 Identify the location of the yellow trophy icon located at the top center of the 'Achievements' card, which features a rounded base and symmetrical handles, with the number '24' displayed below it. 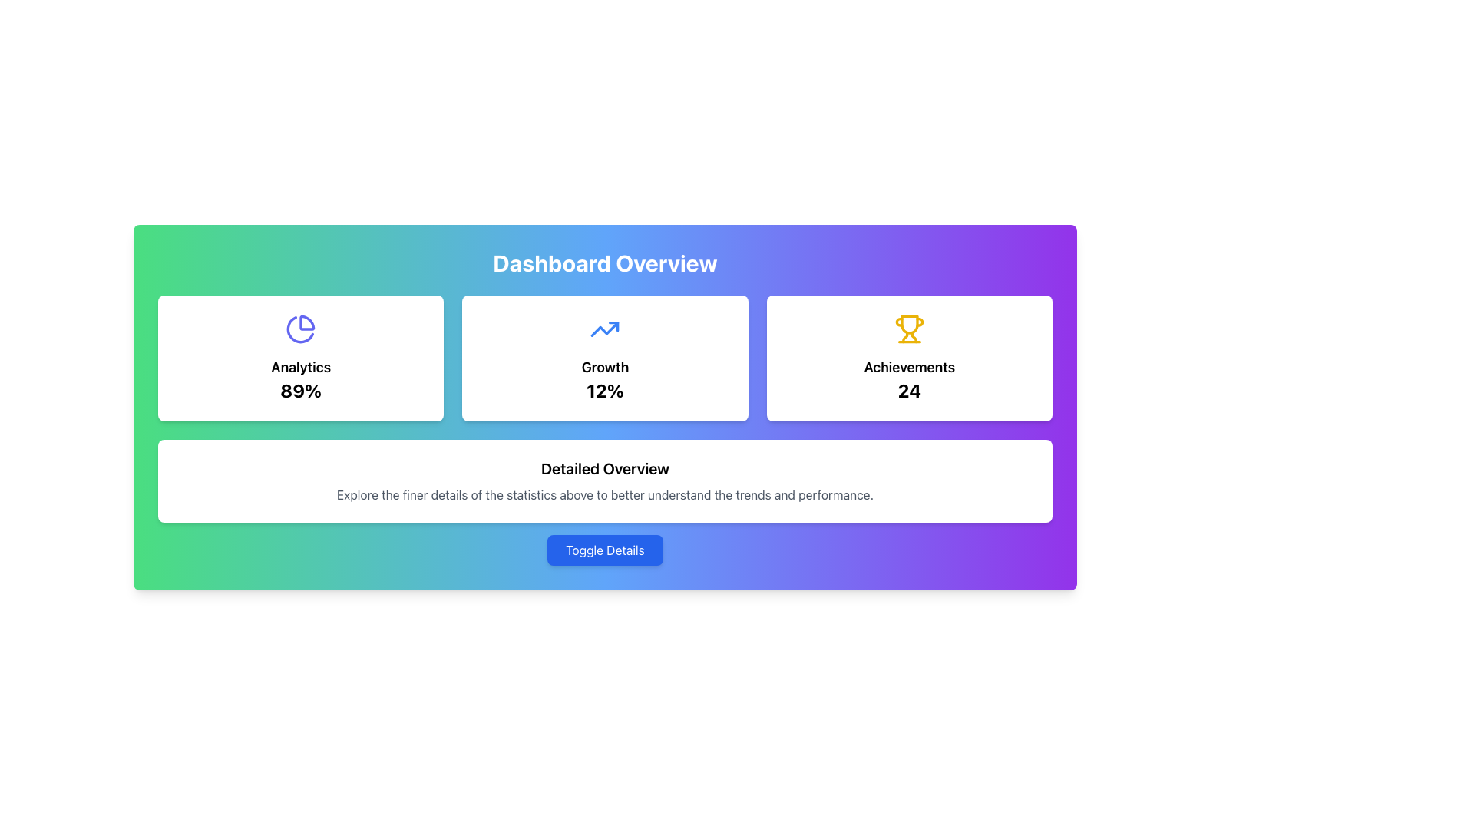
(909, 328).